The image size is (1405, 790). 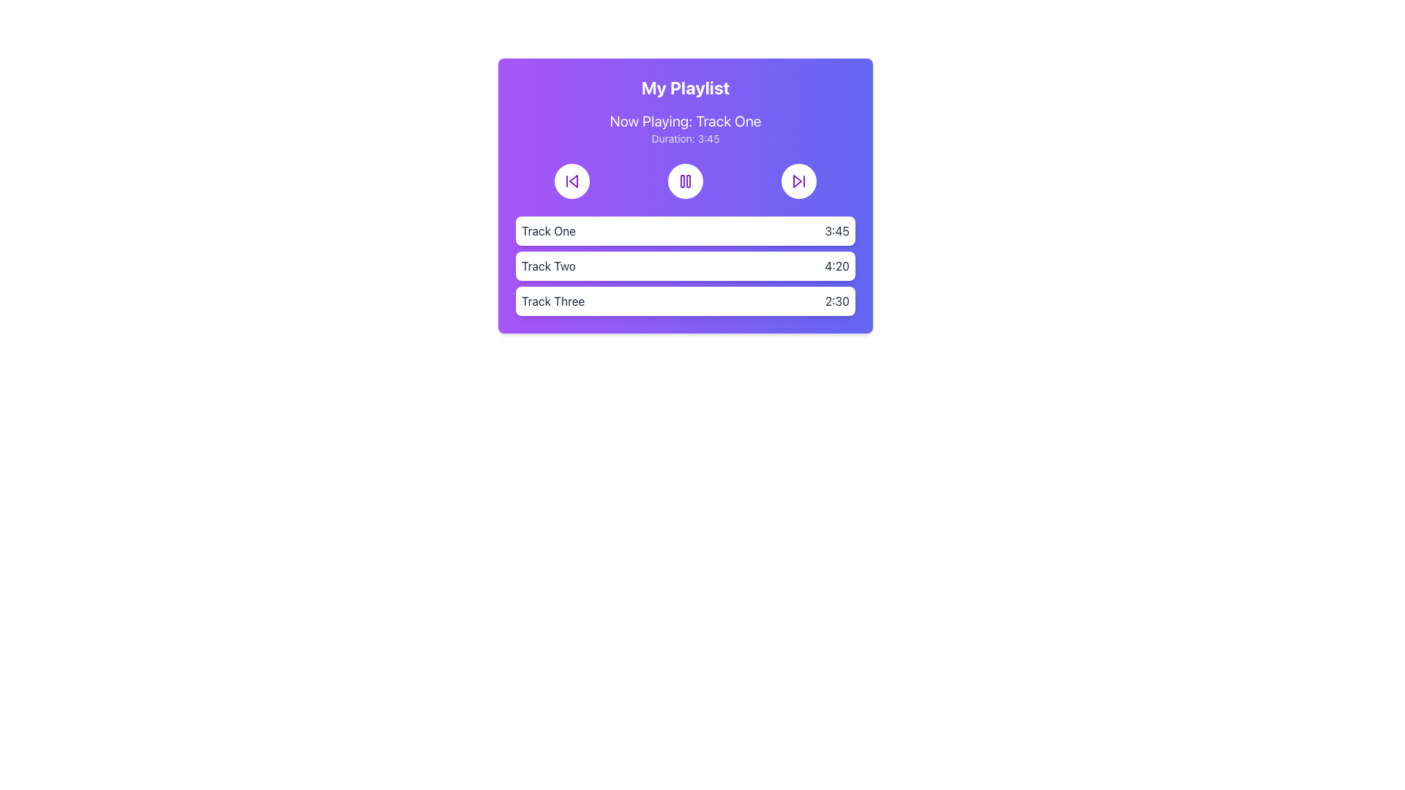 What do you see at coordinates (547, 266) in the screenshot?
I see `the 'Track Two' text label, which is styled in black on a white background and located in the second row of a vertical list of tracks` at bounding box center [547, 266].